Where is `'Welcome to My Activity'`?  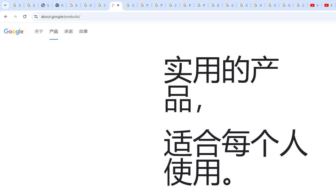 'Welcome to My Activity' is located at coordinates (258, 5).